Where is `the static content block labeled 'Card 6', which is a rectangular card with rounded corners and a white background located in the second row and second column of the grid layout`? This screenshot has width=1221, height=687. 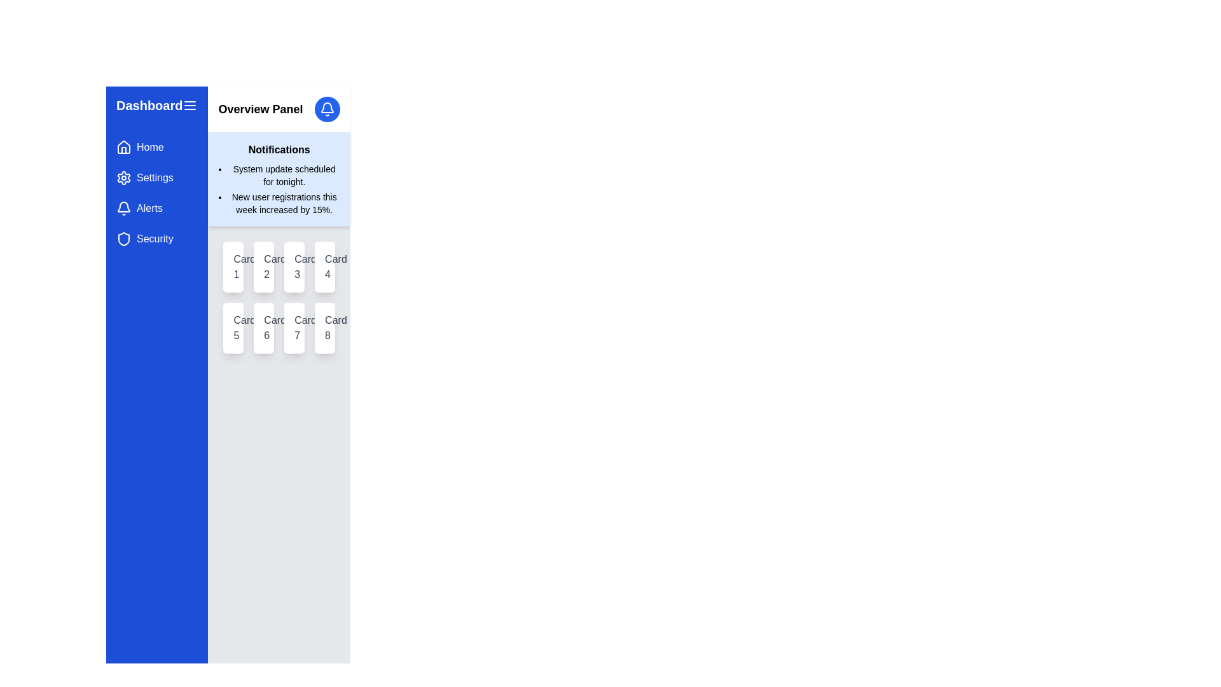
the static content block labeled 'Card 6', which is a rectangular card with rounded corners and a white background located in the second row and second column of the grid layout is located at coordinates (263, 328).